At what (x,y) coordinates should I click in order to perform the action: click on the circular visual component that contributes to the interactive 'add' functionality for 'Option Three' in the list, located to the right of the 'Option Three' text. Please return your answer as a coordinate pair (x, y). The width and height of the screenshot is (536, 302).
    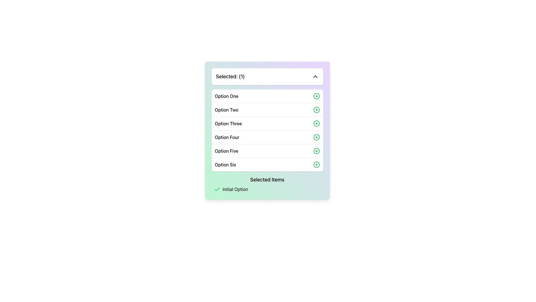
    Looking at the image, I should click on (316, 123).